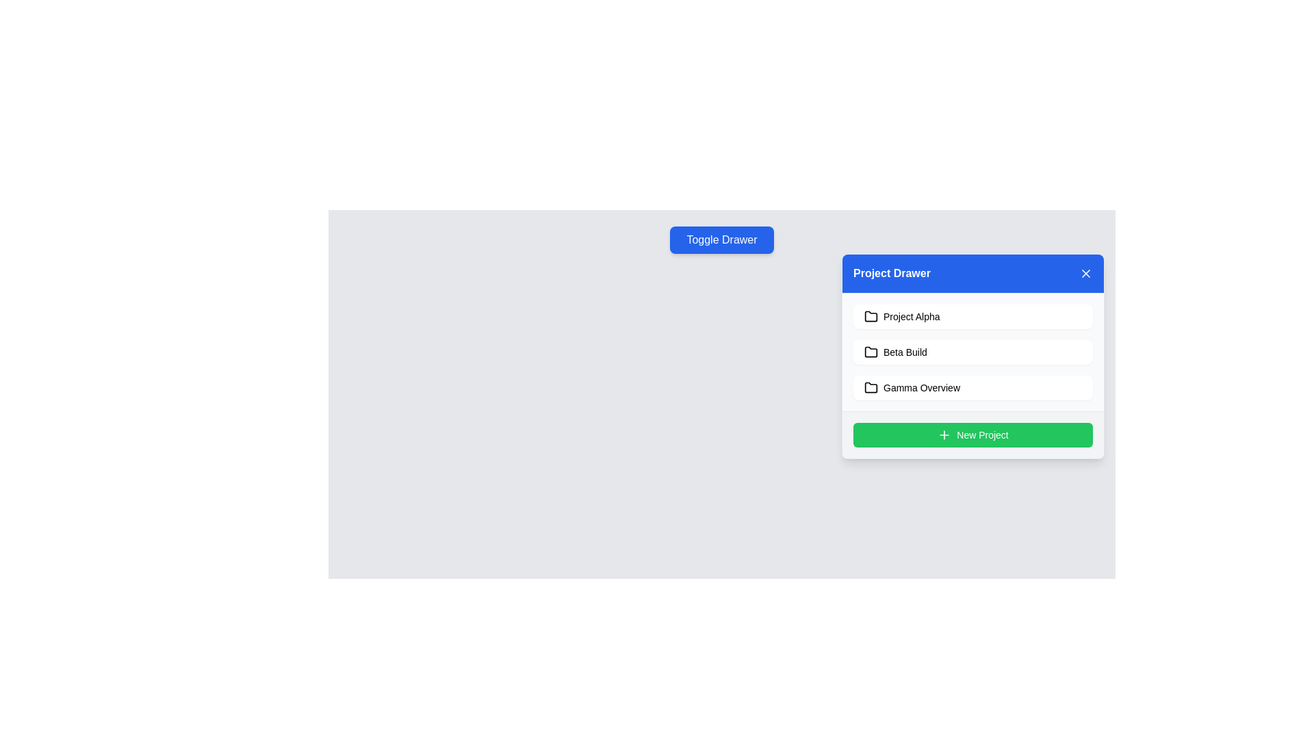  I want to click on the green rounded button labeled 'New Project' with a white plus icon to initiate a new project, so click(972, 435).